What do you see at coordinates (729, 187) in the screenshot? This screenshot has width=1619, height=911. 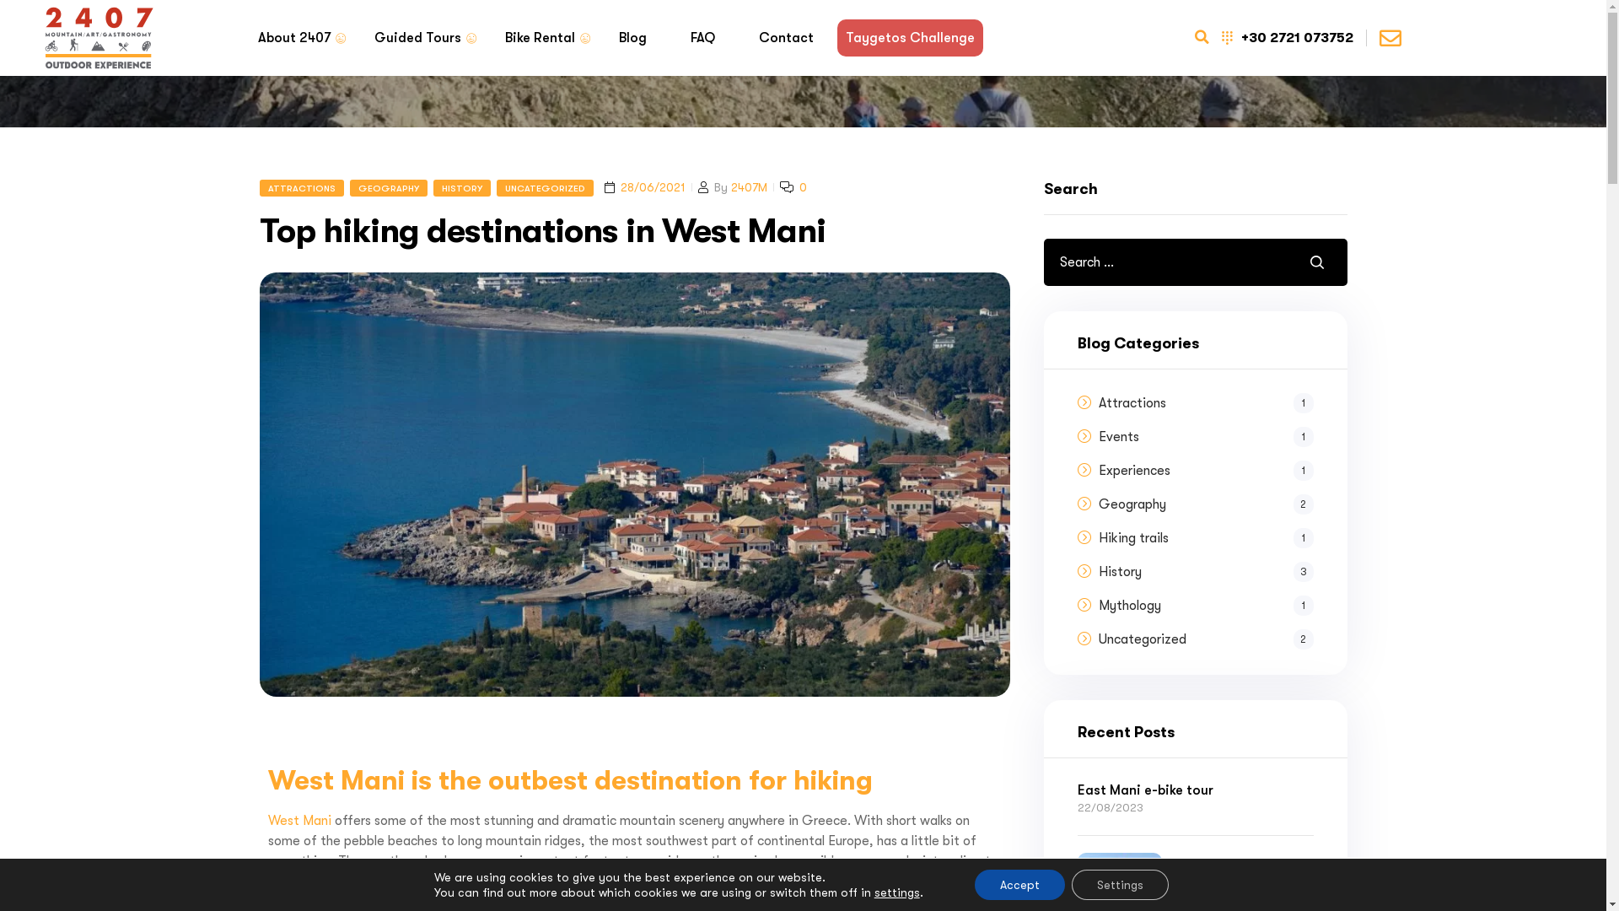 I see `'2407M'` at bounding box center [729, 187].